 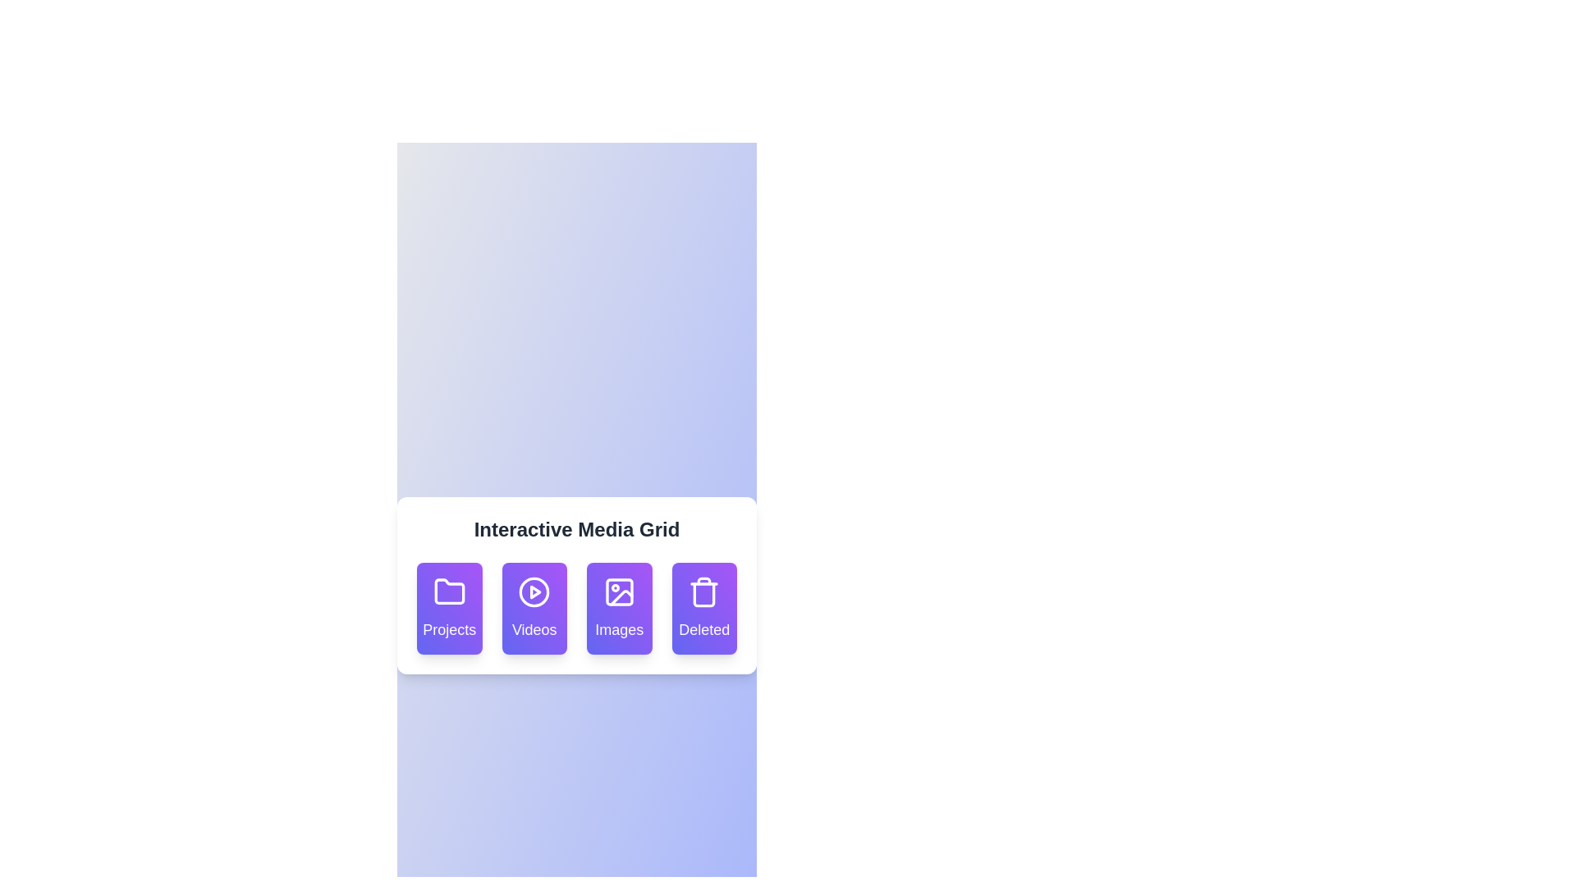 I want to click on the 'Images' icon, which is the third icon in a horizontal group of four icons, representing image-related functionality, located below the 'Interactive Media Grid' heading, so click(x=618, y=591).